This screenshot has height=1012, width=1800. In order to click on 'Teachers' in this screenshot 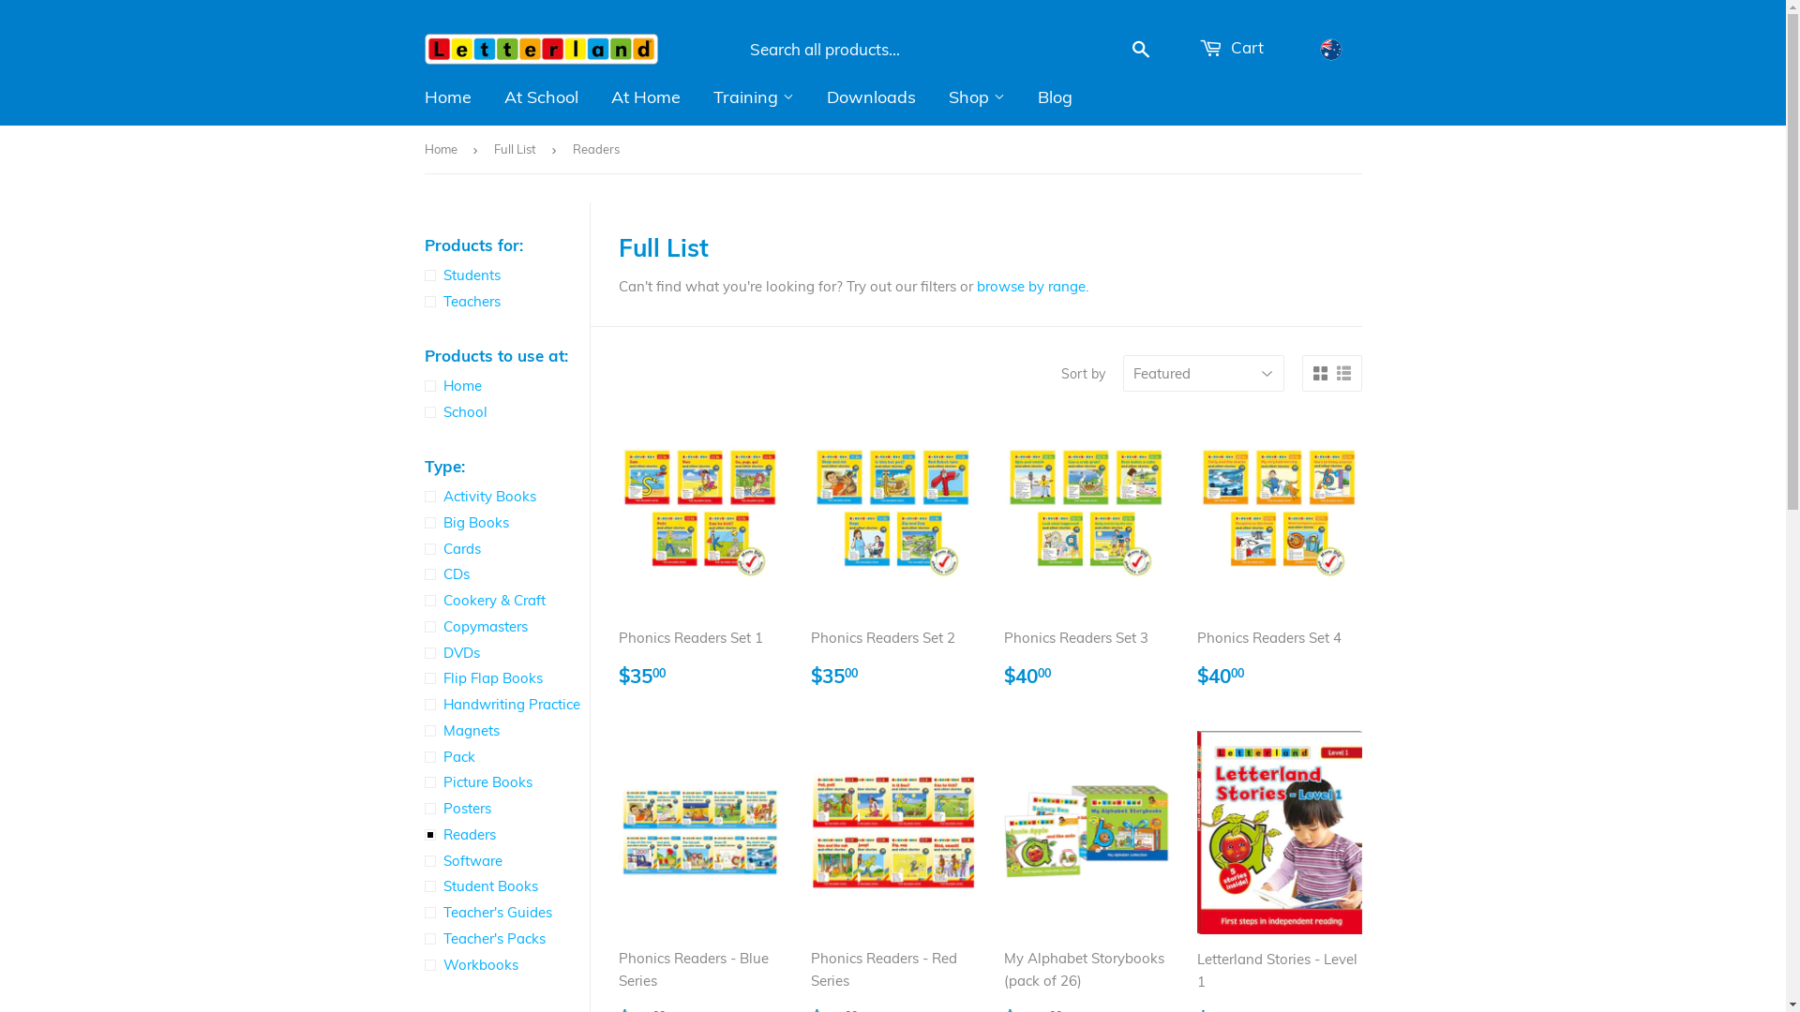, I will do `click(505, 300)`.